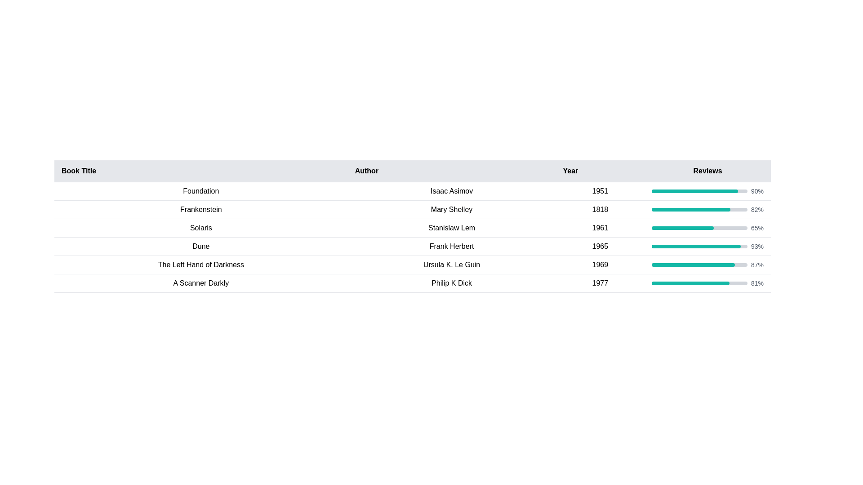  Describe the element at coordinates (452, 228) in the screenshot. I see `the author's name displayed in the second column of the row containing the book title 'Solaris'` at that location.